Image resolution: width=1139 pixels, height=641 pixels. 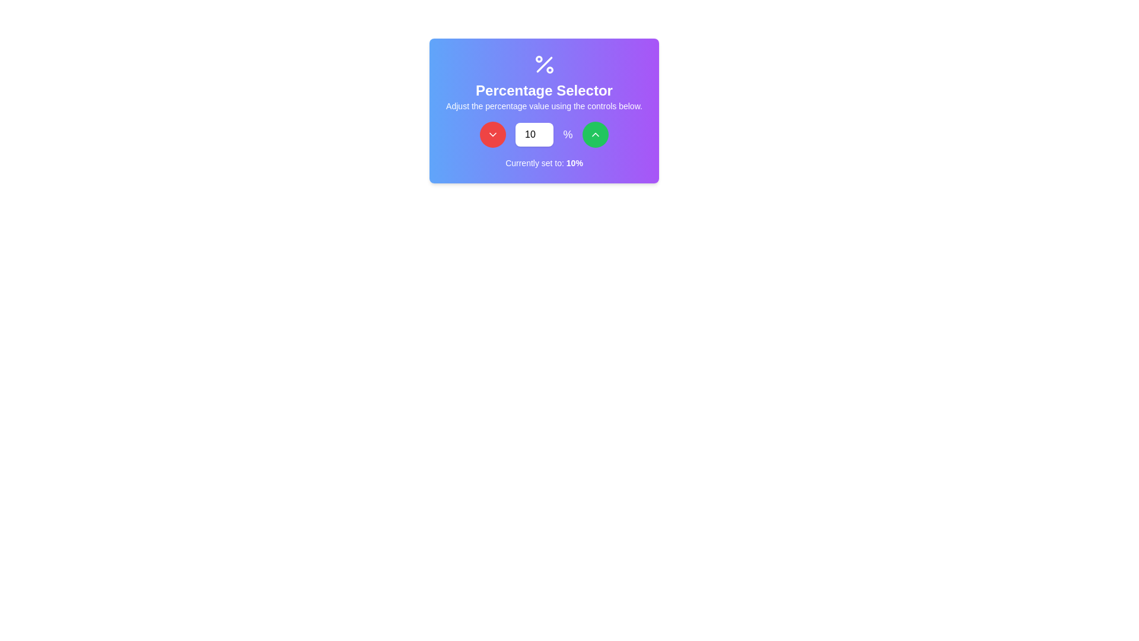 I want to click on the percentage icon, which is displayed in white on a purple background, located at the top of the card above the text 'Percentage Selector', so click(x=543, y=64).